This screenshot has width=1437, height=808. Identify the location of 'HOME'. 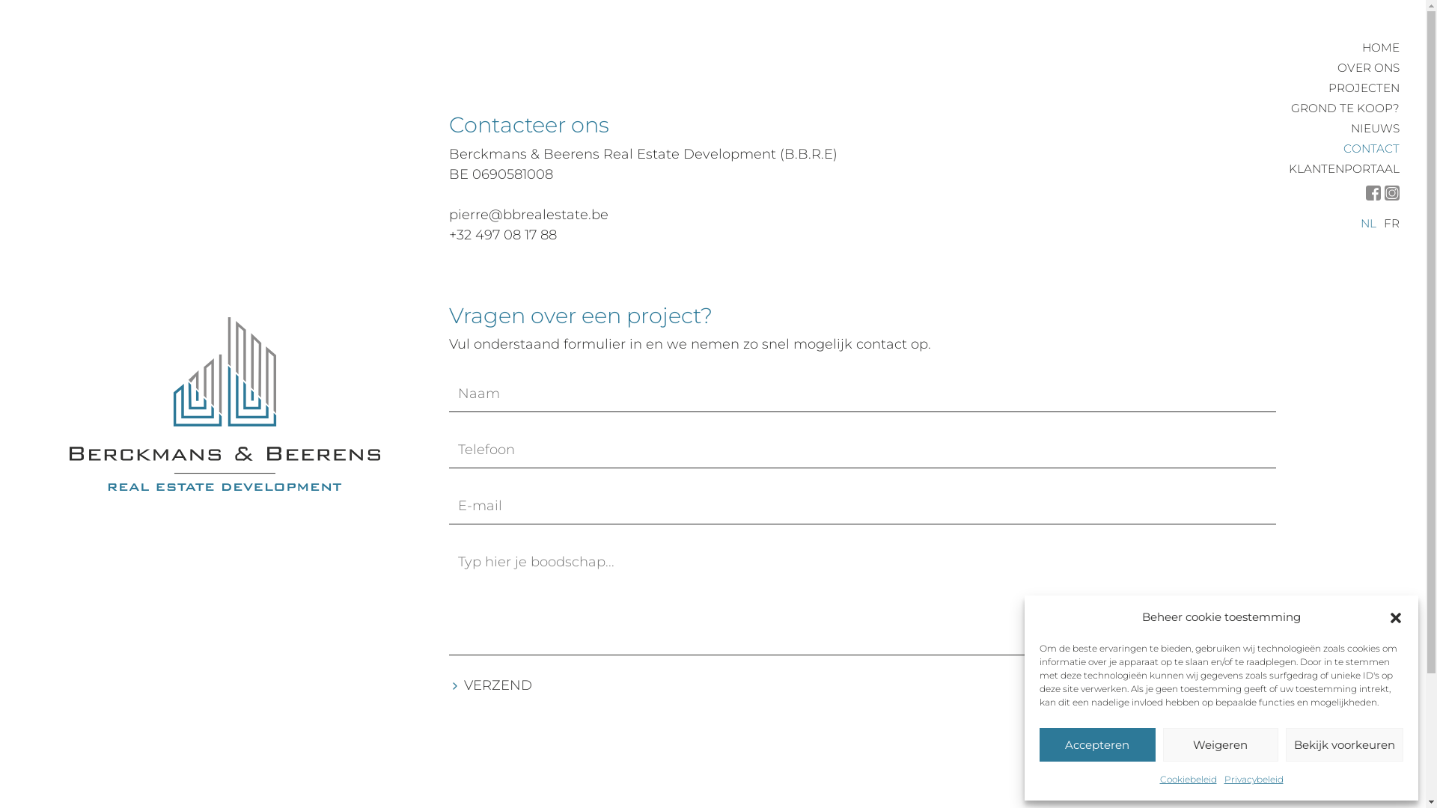
(1379, 46).